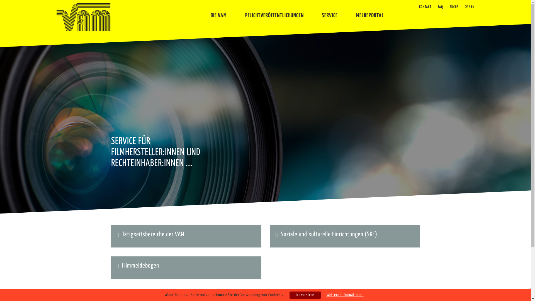 This screenshot has width=535, height=301. What do you see at coordinates (140, 265) in the screenshot?
I see `'Filmmeldebogen'` at bounding box center [140, 265].